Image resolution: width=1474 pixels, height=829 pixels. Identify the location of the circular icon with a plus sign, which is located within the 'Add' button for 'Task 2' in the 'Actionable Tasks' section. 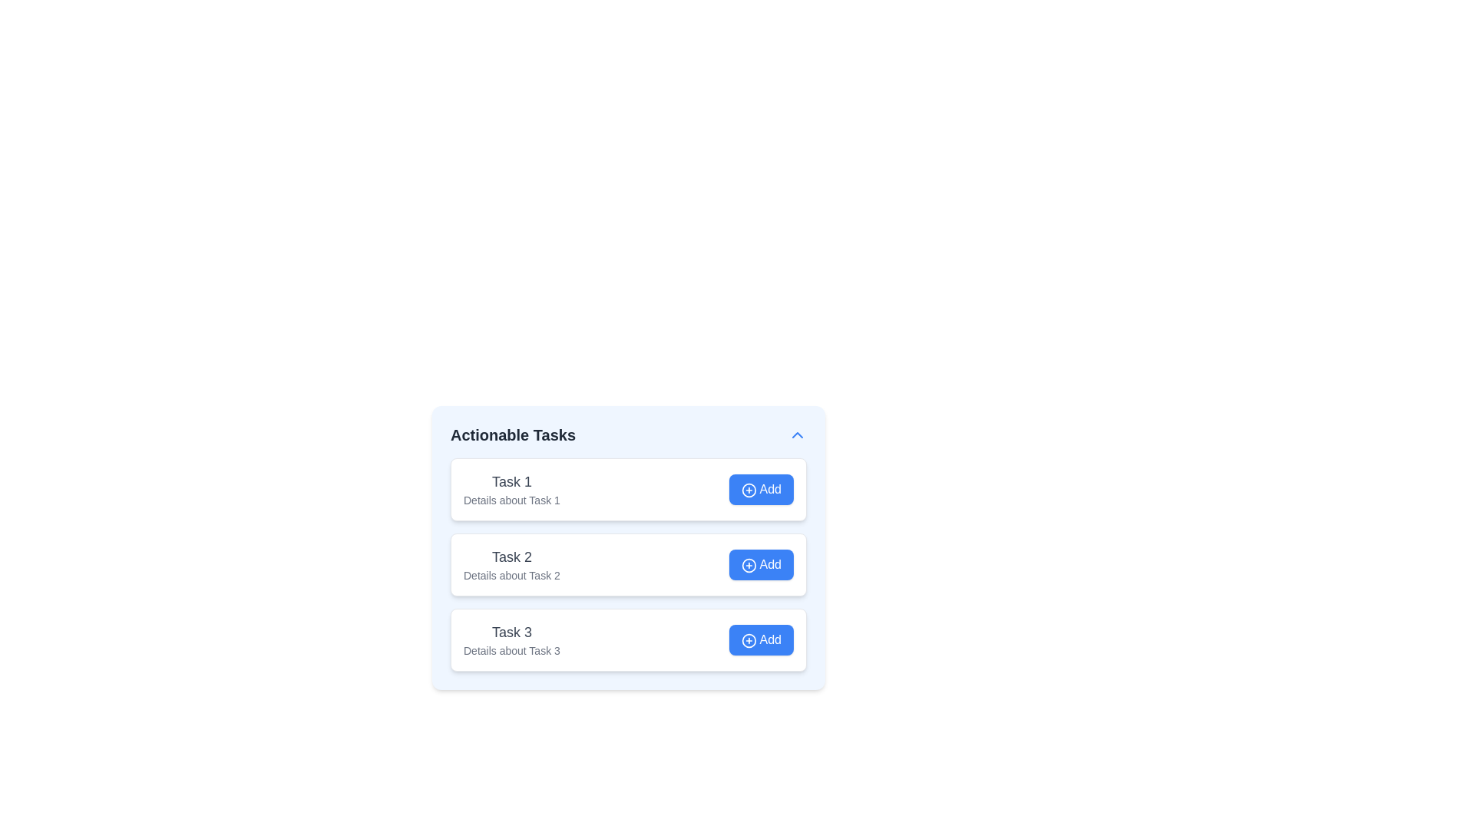
(749, 565).